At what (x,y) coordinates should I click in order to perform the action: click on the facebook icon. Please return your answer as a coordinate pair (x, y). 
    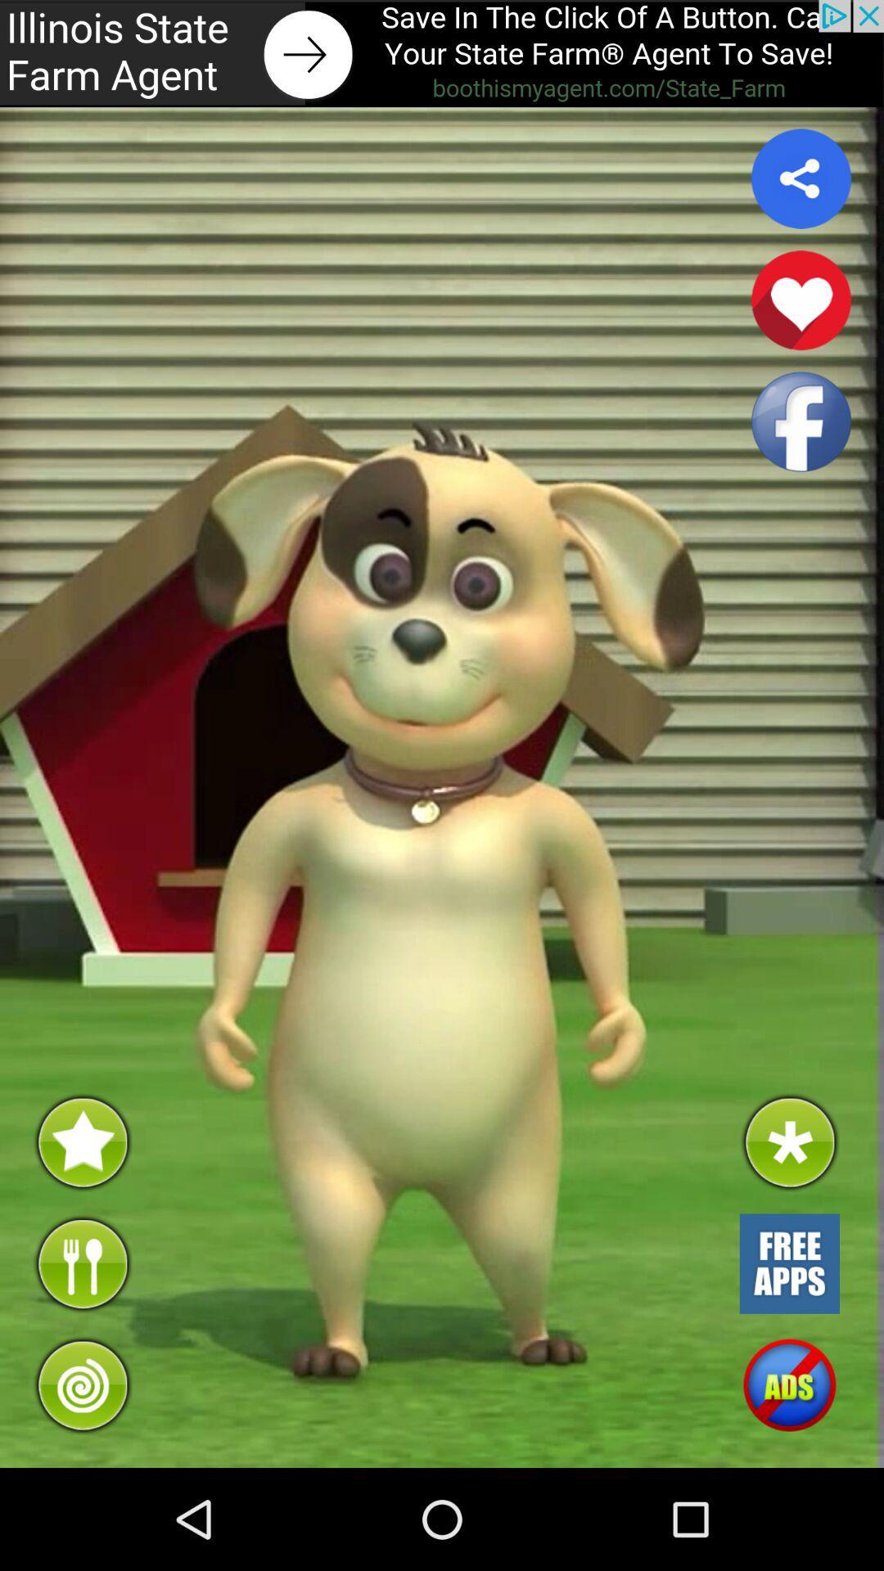
    Looking at the image, I should click on (801, 451).